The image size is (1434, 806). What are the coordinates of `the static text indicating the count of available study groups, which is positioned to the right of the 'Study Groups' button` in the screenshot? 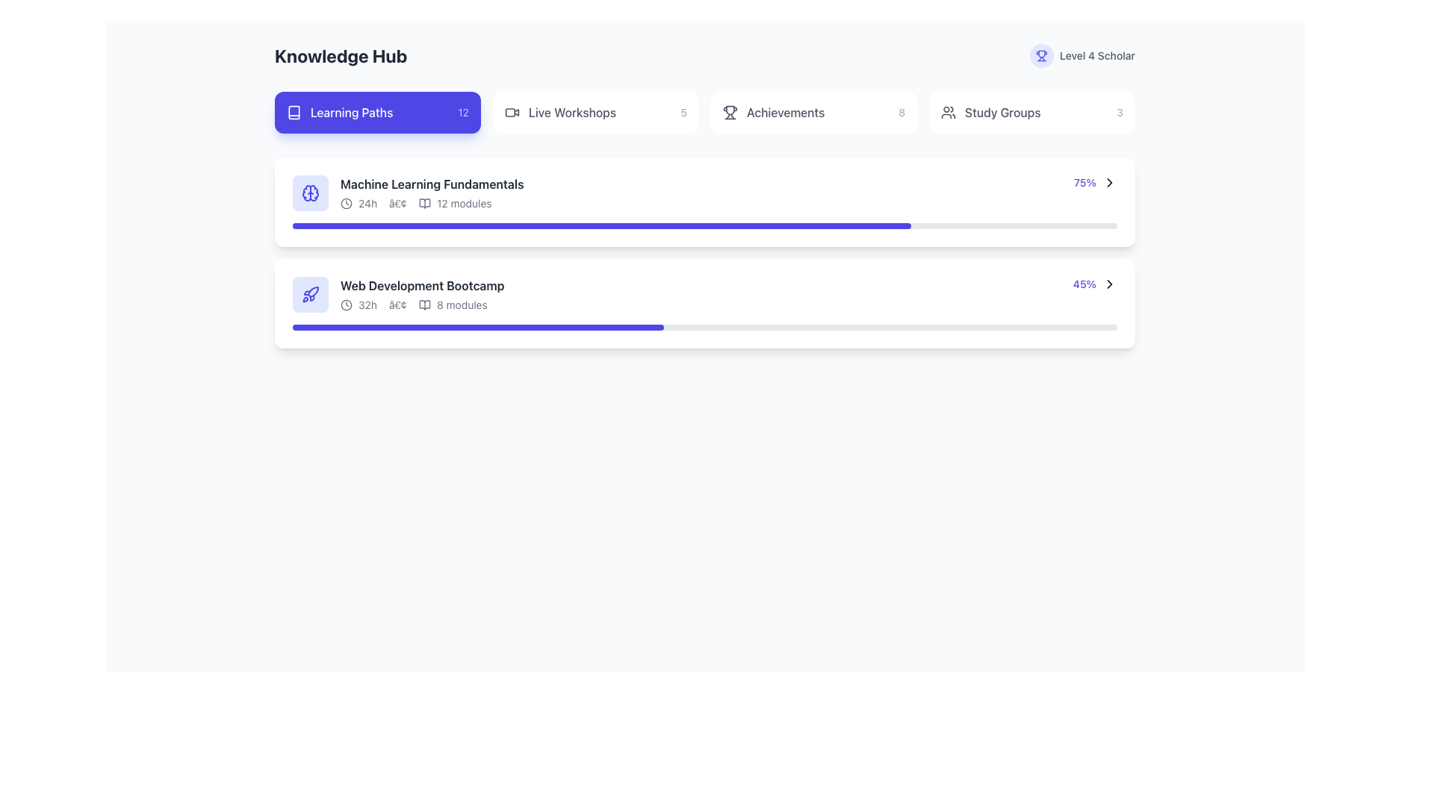 It's located at (1120, 111).